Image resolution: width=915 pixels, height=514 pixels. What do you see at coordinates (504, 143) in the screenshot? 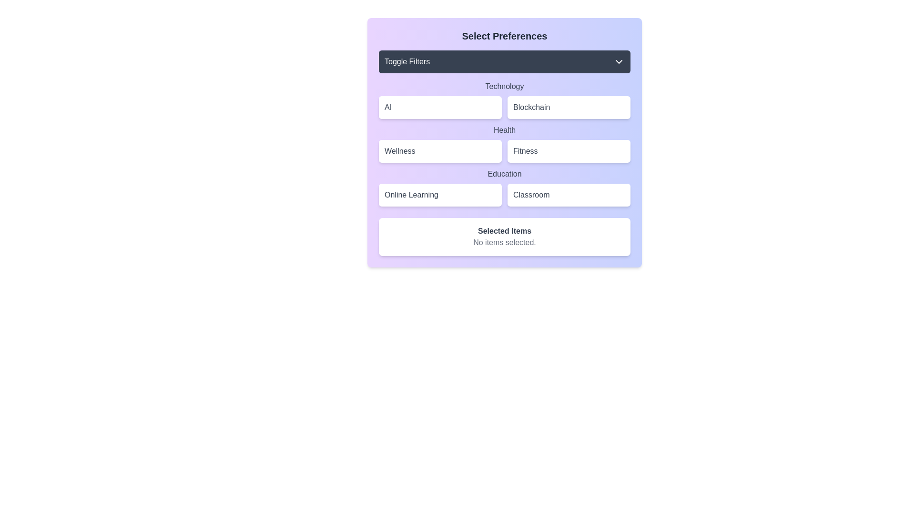
I see `the 'Fitness' button within the 'Health' category box` at bounding box center [504, 143].